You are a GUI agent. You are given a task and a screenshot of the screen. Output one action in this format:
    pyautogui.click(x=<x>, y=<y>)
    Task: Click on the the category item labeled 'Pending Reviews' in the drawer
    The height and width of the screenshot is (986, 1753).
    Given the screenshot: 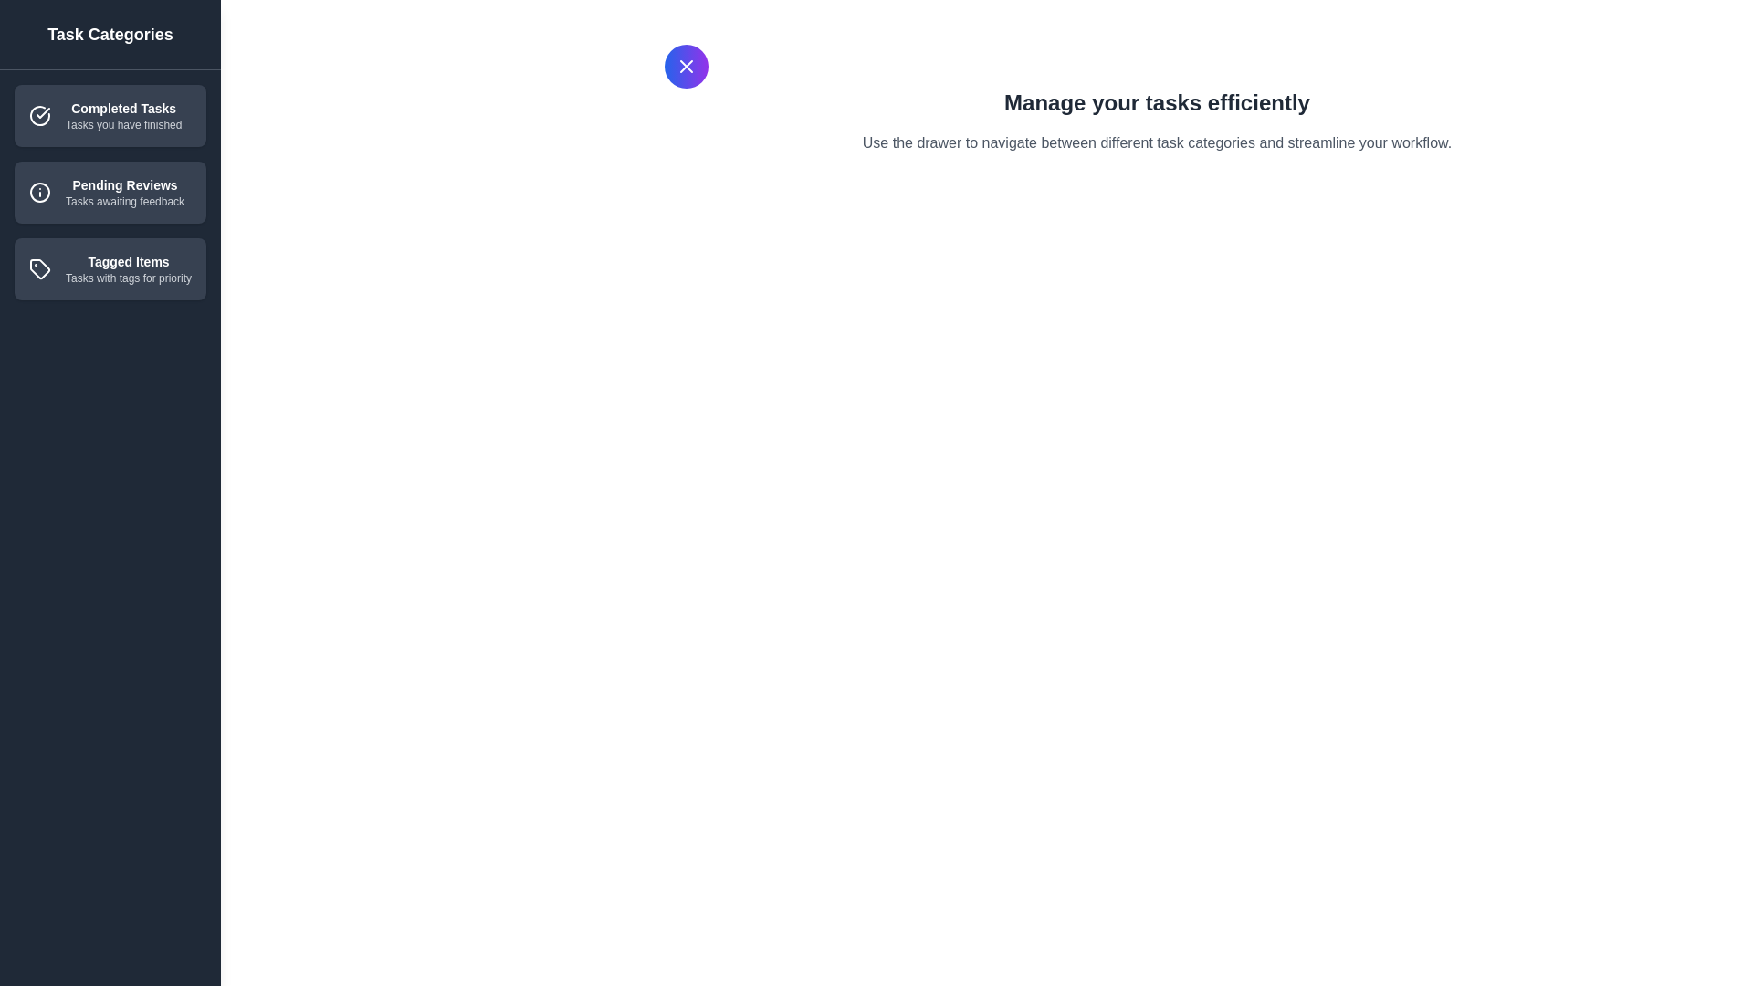 What is the action you would take?
    pyautogui.click(x=109, y=193)
    